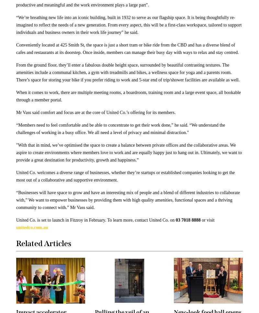  What do you see at coordinates (129, 25) in the screenshot?
I see `'“We’re breathing new life into an iconic building, built in 1932 to serve as our flagship space. It is being thoughtfully re-imagined to reflect the needs of a new generation. From every aspect, this will be a first-class workspace, tailored to support individuals and business owners in their work life journey” he said.'` at bounding box center [129, 25].